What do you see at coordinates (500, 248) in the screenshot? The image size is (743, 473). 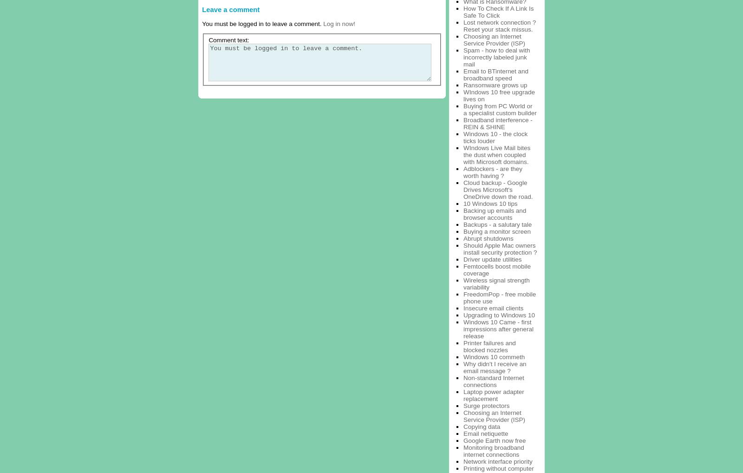 I see `'Should Apple Mac owners install security protection ?'` at bounding box center [500, 248].